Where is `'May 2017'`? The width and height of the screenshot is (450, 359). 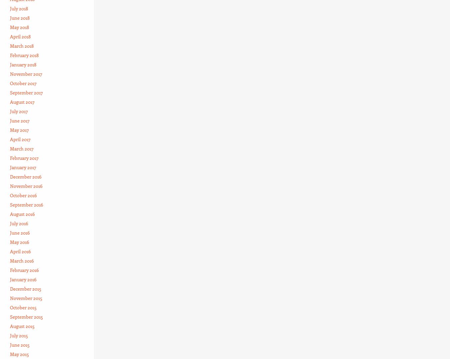 'May 2017' is located at coordinates (19, 129).